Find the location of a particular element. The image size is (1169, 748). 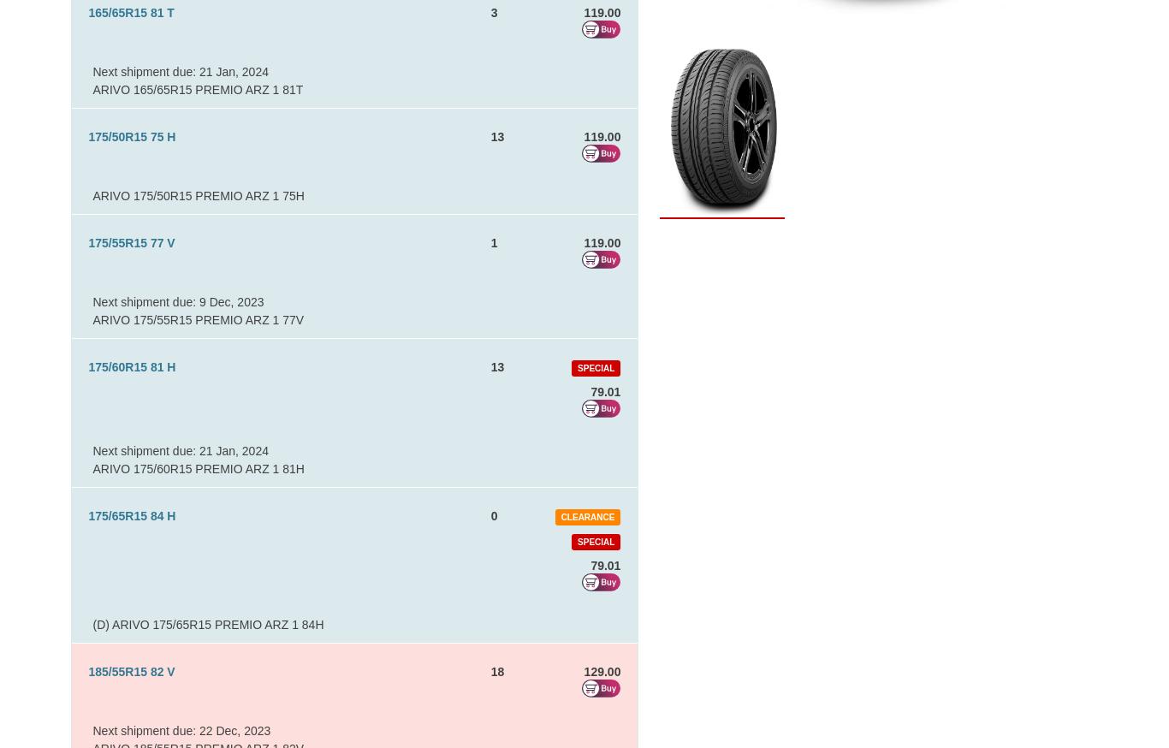

'(D) ARIVO 175/65R15 PREMIO ARZ 1 84H' is located at coordinates (92, 623).